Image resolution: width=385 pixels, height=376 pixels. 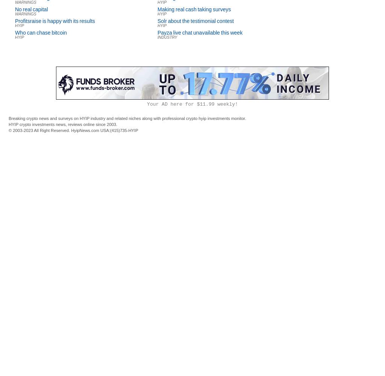 What do you see at coordinates (194, 9) in the screenshot?
I see `'Making real cash taking surveys'` at bounding box center [194, 9].